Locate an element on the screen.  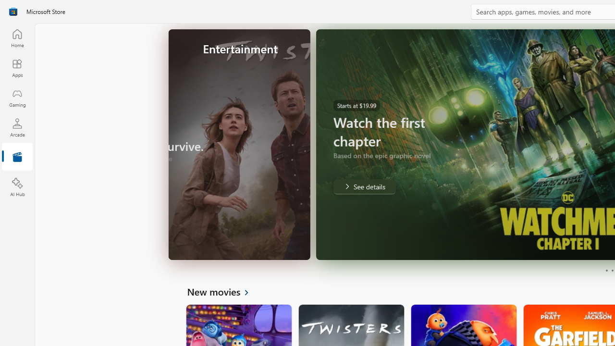
'Class: Image' is located at coordinates (13, 12).